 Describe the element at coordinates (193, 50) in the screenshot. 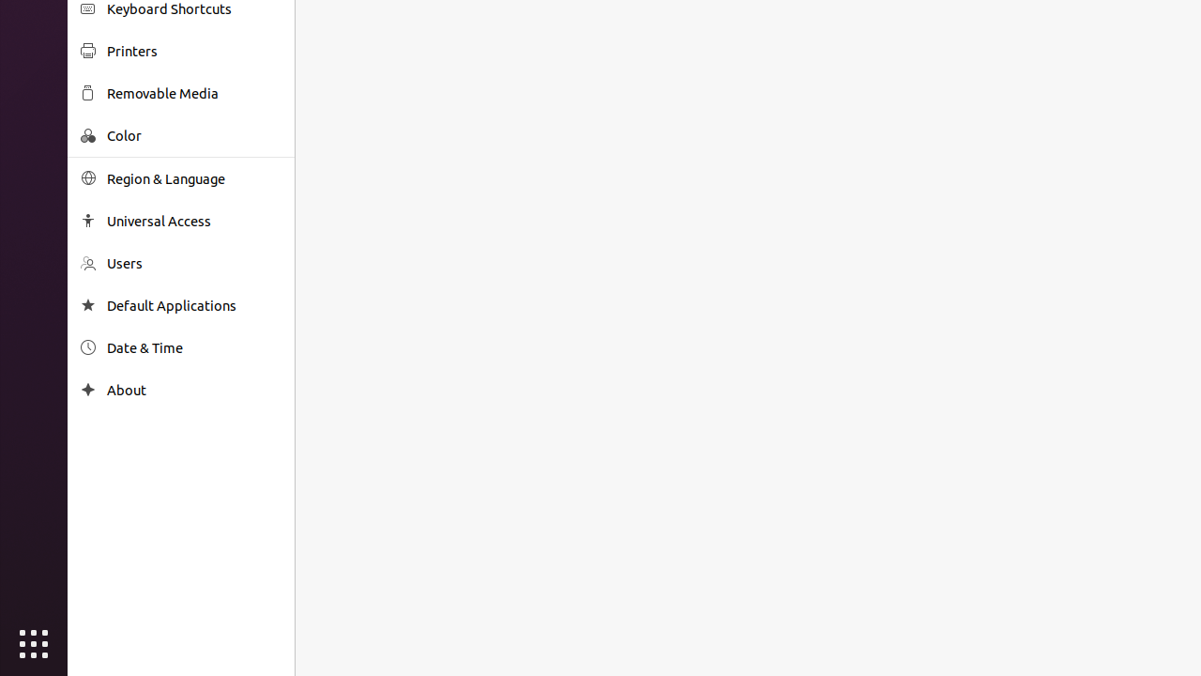

I see `'Printers'` at that location.